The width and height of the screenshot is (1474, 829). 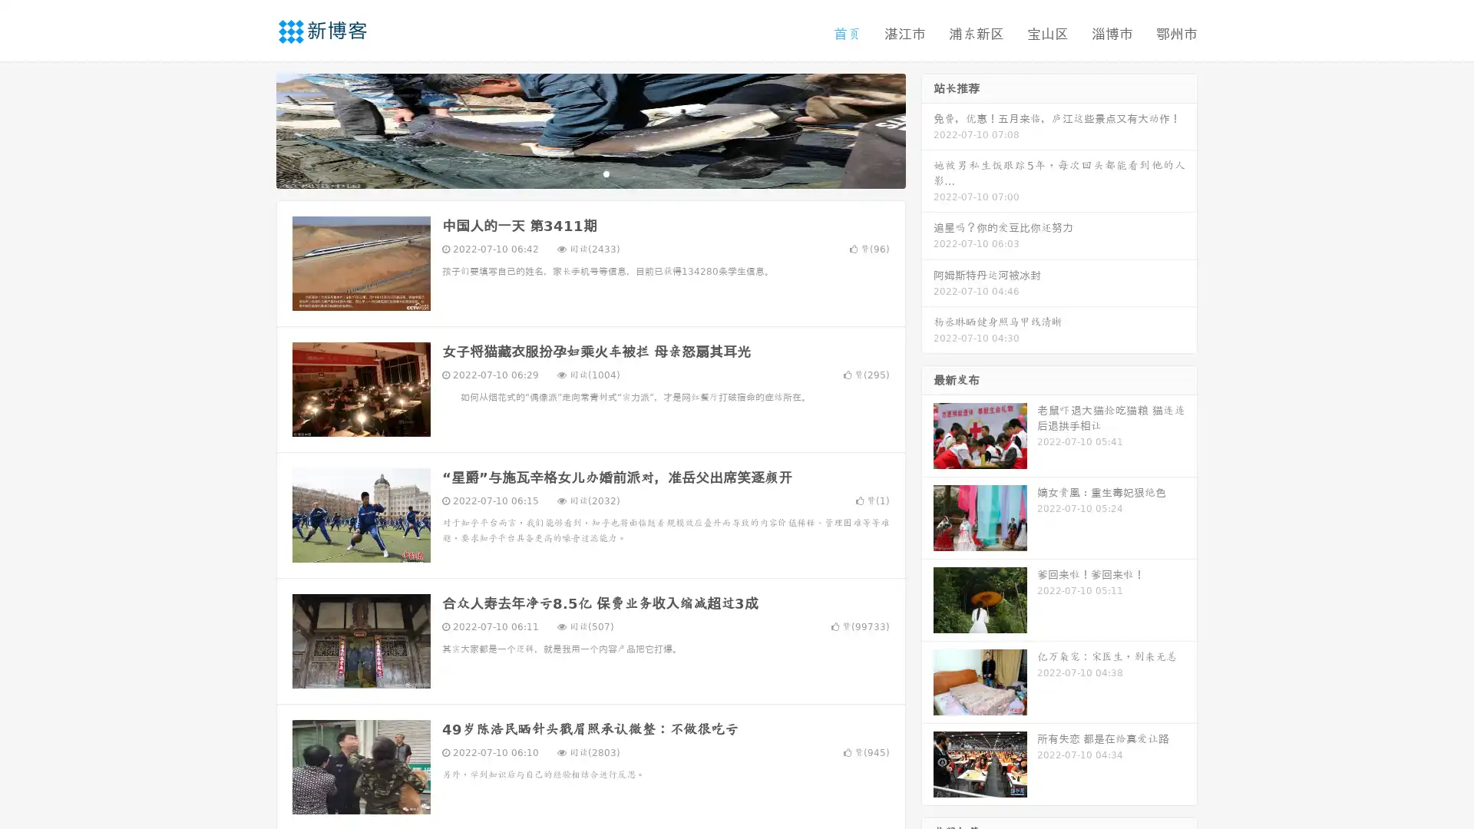 What do you see at coordinates (927, 129) in the screenshot?
I see `Next slide` at bounding box center [927, 129].